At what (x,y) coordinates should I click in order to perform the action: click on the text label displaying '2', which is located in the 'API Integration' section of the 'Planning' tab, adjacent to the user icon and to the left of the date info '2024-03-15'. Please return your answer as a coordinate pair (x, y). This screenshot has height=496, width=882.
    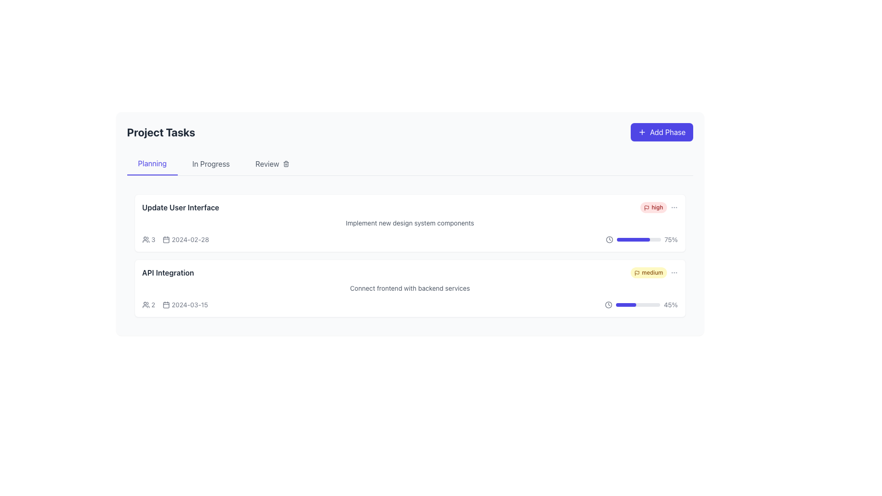
    Looking at the image, I should click on (148, 304).